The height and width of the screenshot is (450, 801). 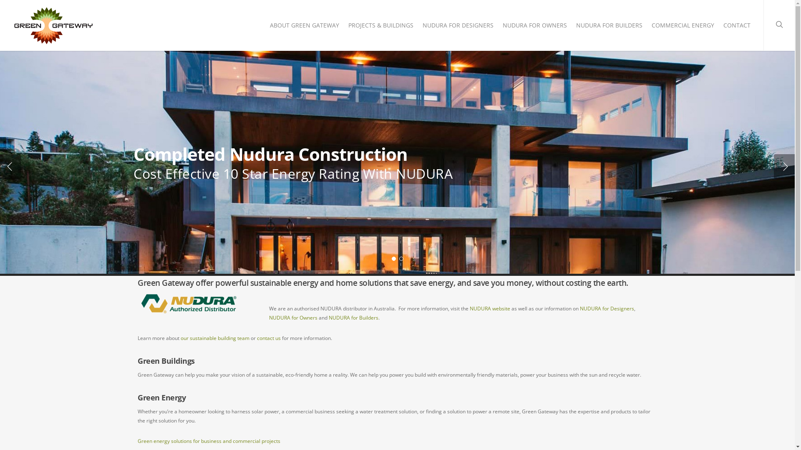 I want to click on 'ABOUT GREEN GATEWAY', so click(x=265, y=27).